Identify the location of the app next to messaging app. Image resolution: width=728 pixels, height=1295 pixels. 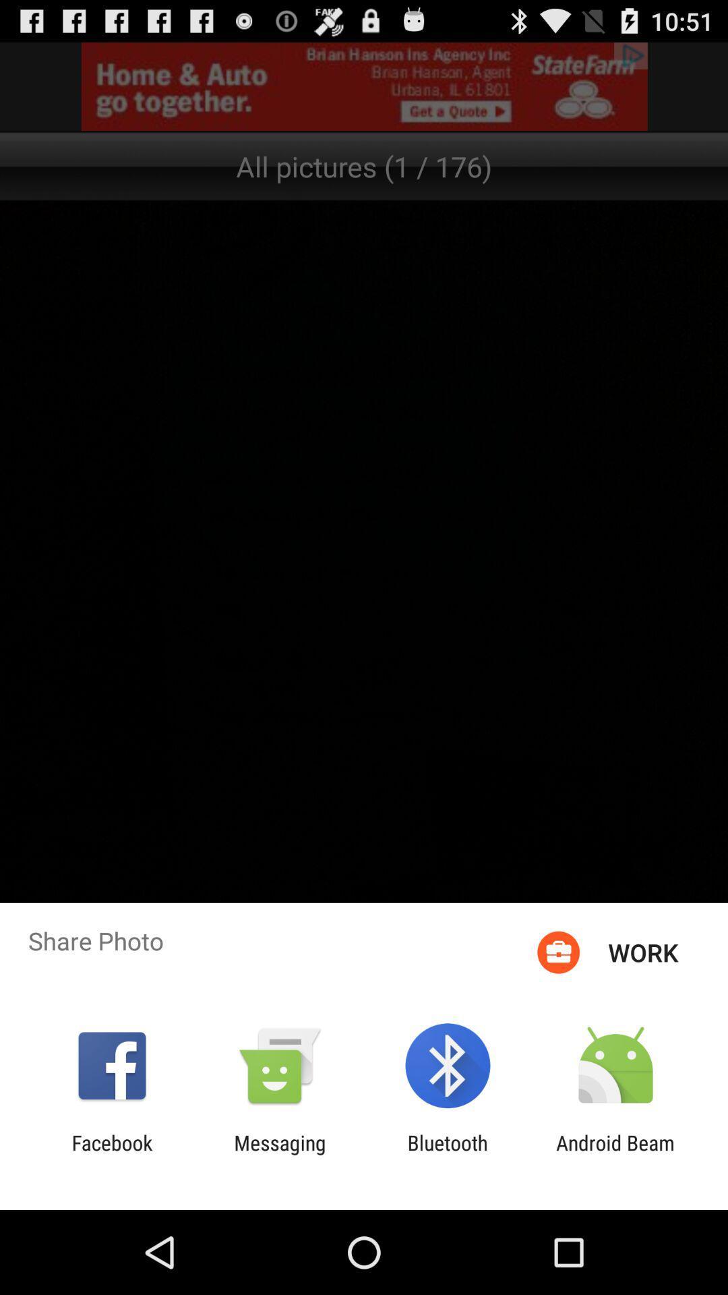
(448, 1154).